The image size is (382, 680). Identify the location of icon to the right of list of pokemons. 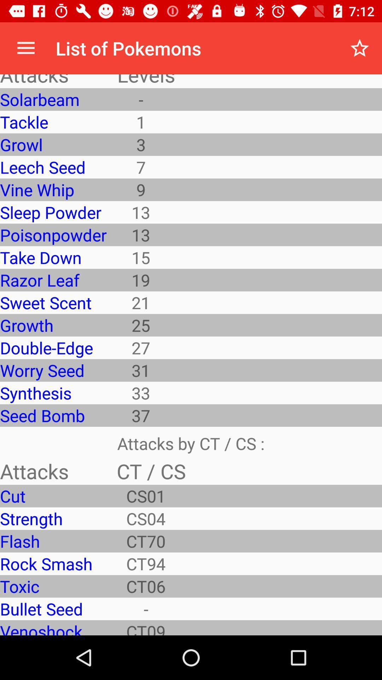
(360, 48).